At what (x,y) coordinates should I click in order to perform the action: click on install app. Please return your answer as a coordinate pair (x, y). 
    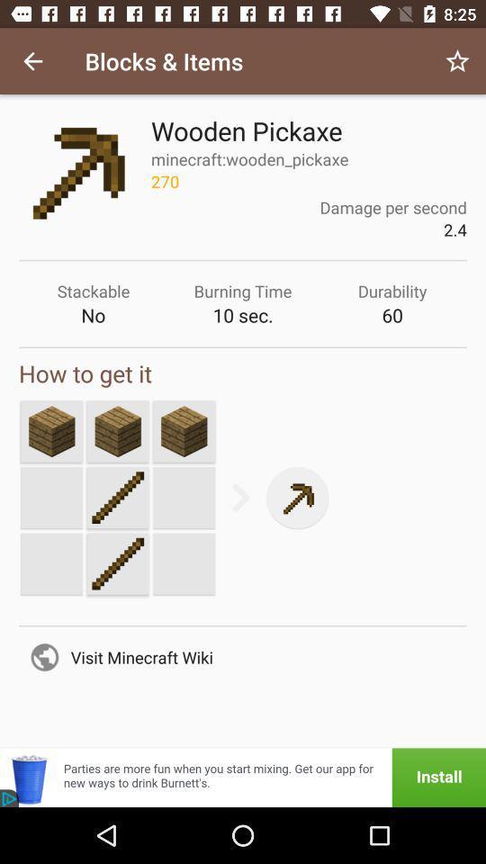
    Looking at the image, I should click on (243, 777).